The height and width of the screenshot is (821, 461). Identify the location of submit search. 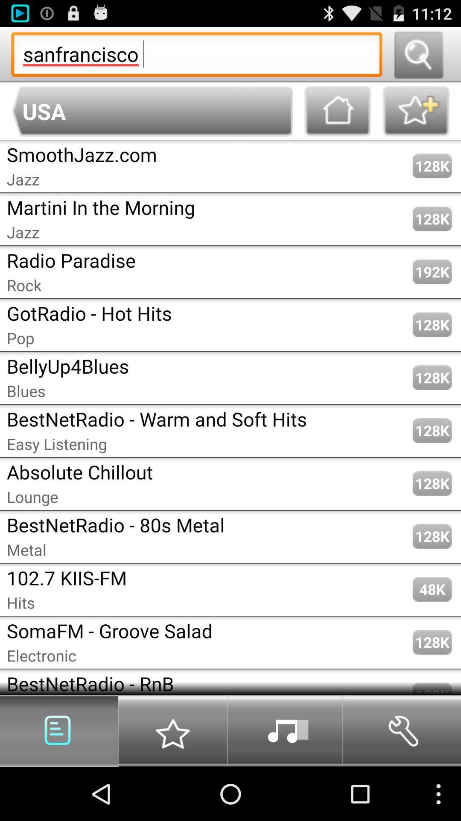
(418, 54).